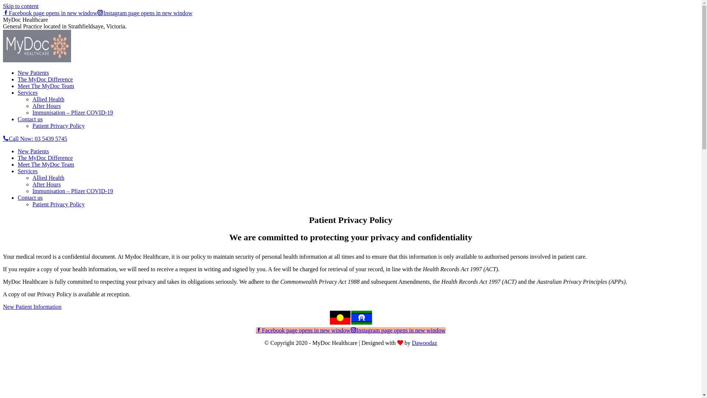 Image resolution: width=707 pixels, height=398 pixels. I want to click on 'Facebook page opens in new window', so click(303, 330).